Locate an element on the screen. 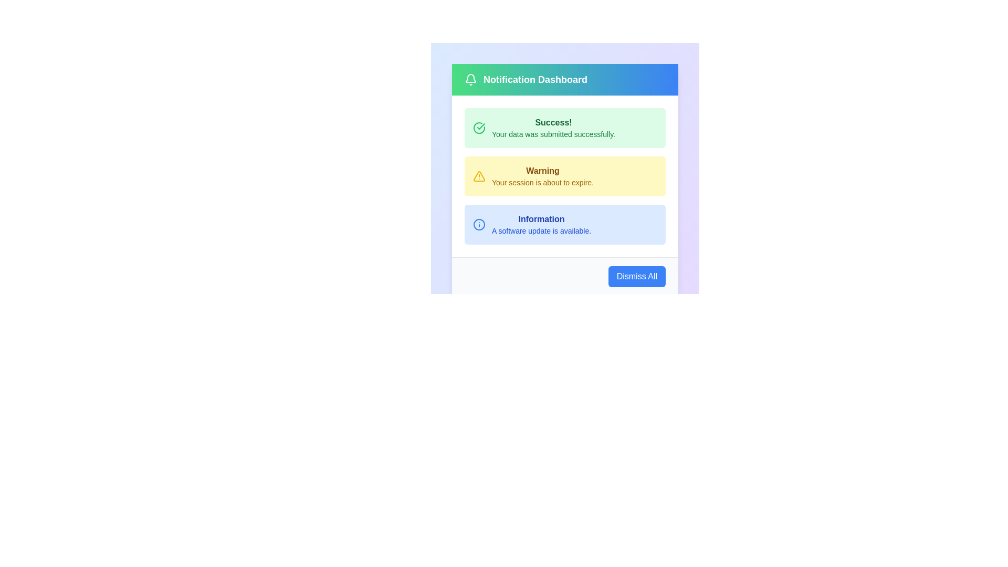  the notification icon located to the left of the 'Notification Dashboard' text in the header section of the interface is located at coordinates (470, 79).